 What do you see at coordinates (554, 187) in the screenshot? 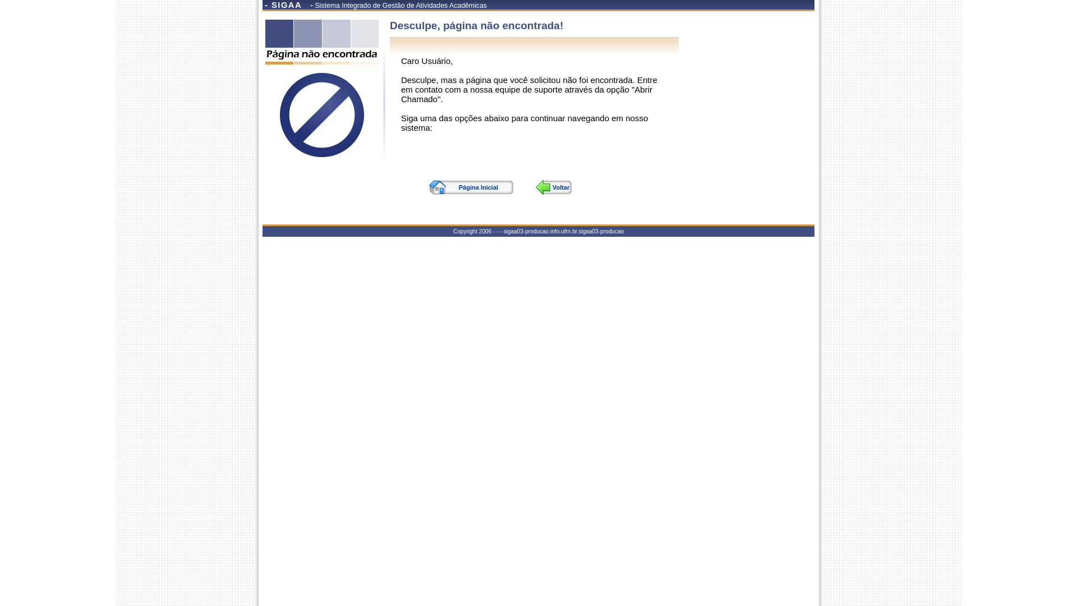
I see `'Voltar'` at bounding box center [554, 187].